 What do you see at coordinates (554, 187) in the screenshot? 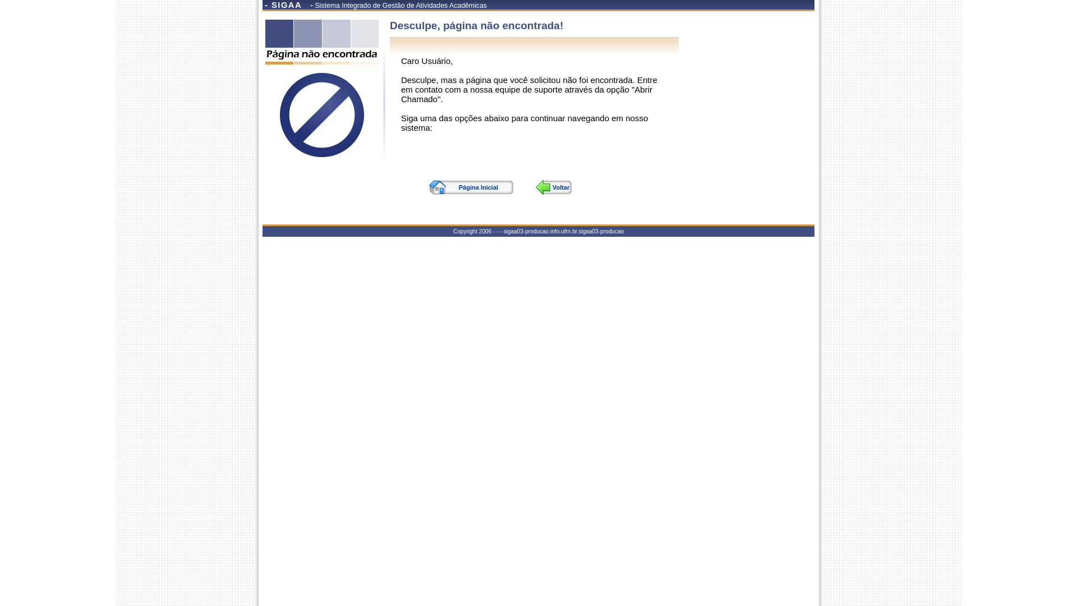
I see `'Voltar'` at bounding box center [554, 187].